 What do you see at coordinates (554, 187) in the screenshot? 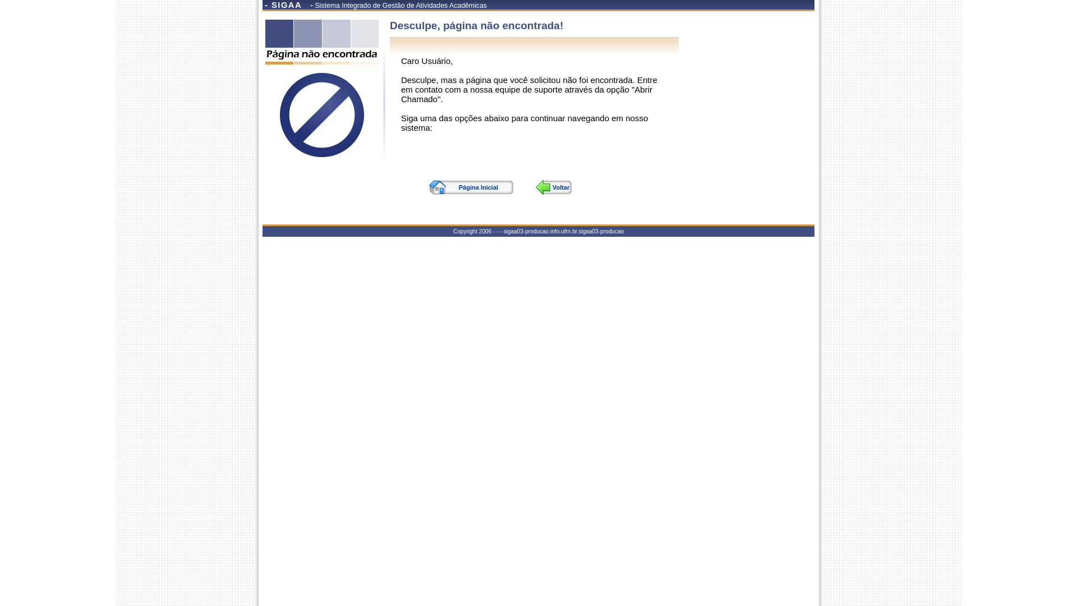
I see `'Voltar'` at bounding box center [554, 187].